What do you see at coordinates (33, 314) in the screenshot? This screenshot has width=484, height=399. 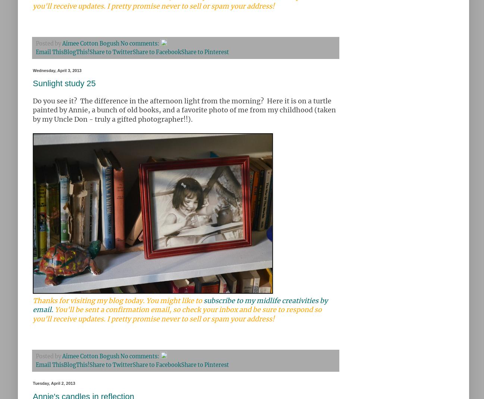 I see `'You'll be sent a confirmation email, so check your inbox and be sure to respond so you'll receive updates.  I pretty promise never to sell or spam your address!'` at bounding box center [33, 314].